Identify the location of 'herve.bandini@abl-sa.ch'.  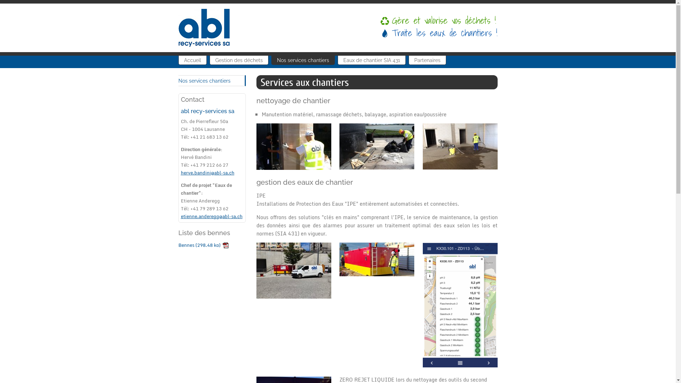
(181, 172).